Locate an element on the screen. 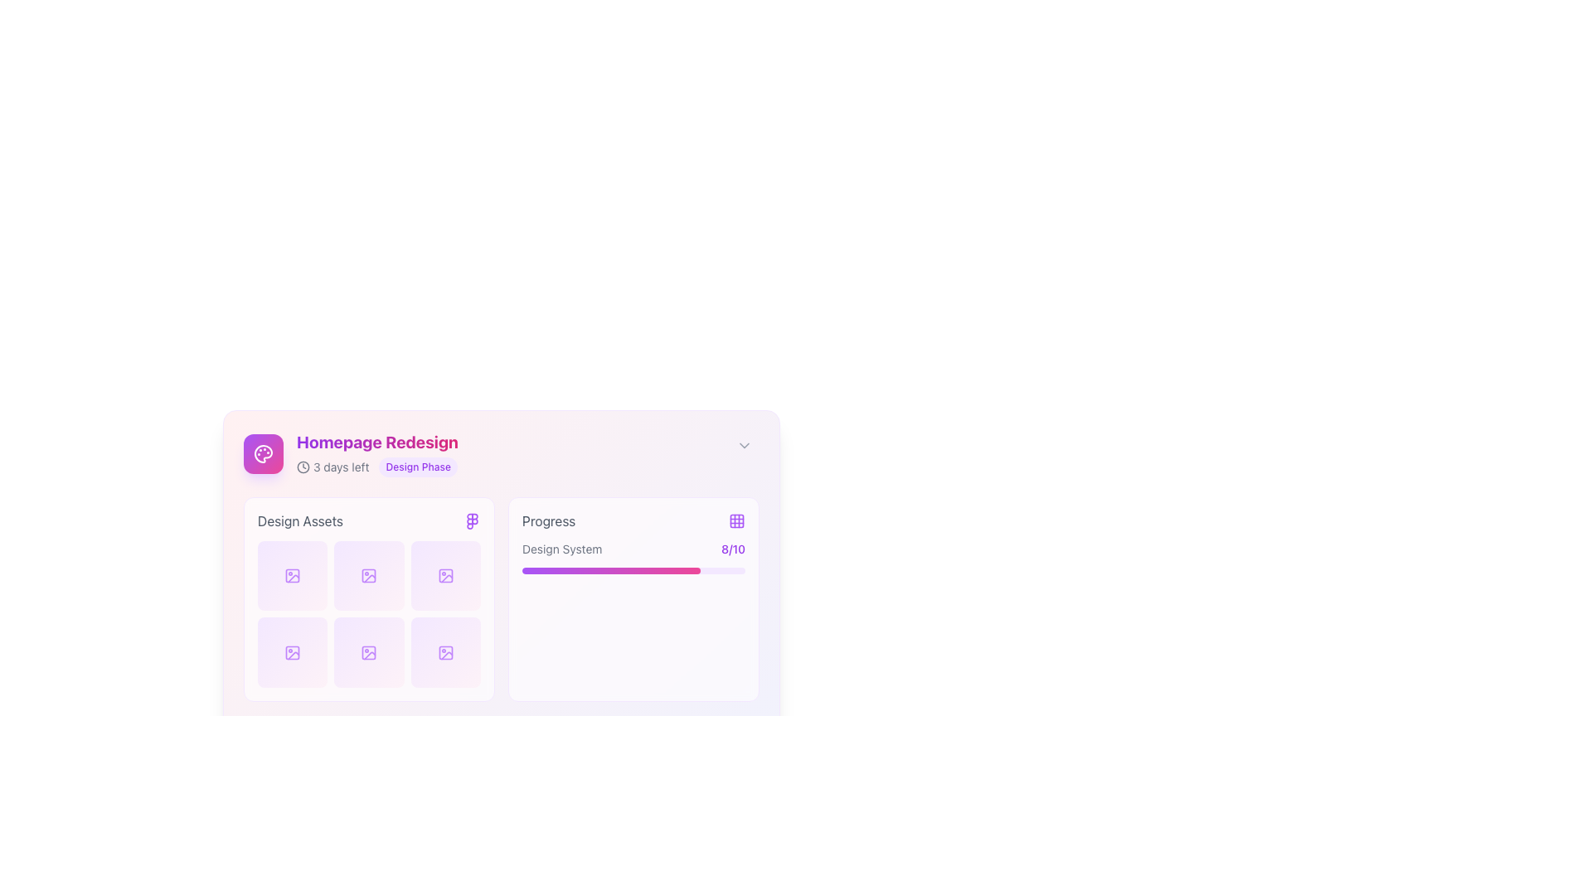 The height and width of the screenshot is (895, 1592). the purple-colored 3x3 grid IconButton located in the header area of the 'Progress' section is located at coordinates (735, 520).